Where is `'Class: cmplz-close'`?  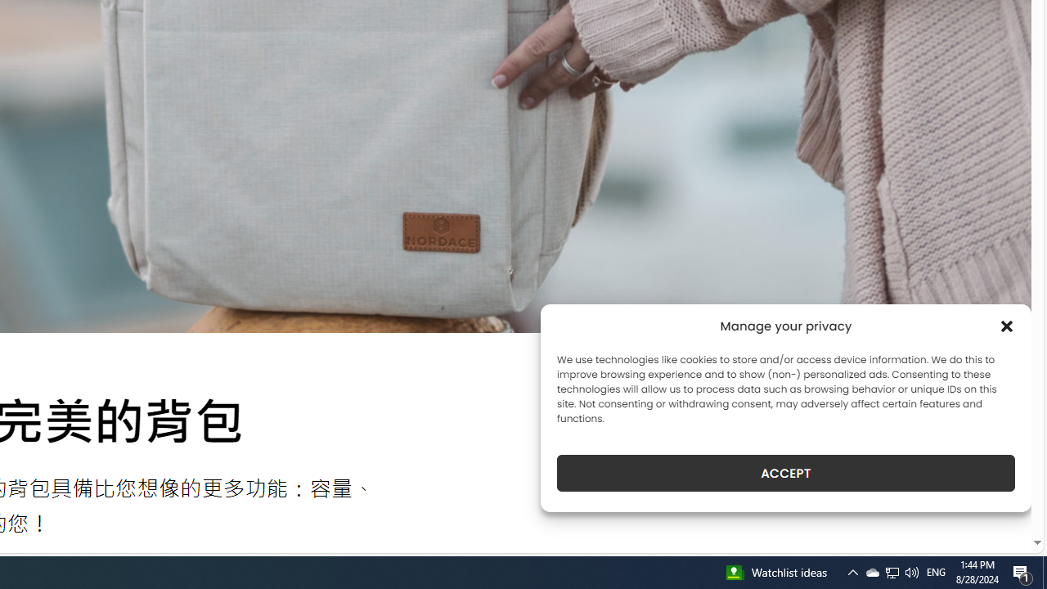 'Class: cmplz-close' is located at coordinates (1006, 326).